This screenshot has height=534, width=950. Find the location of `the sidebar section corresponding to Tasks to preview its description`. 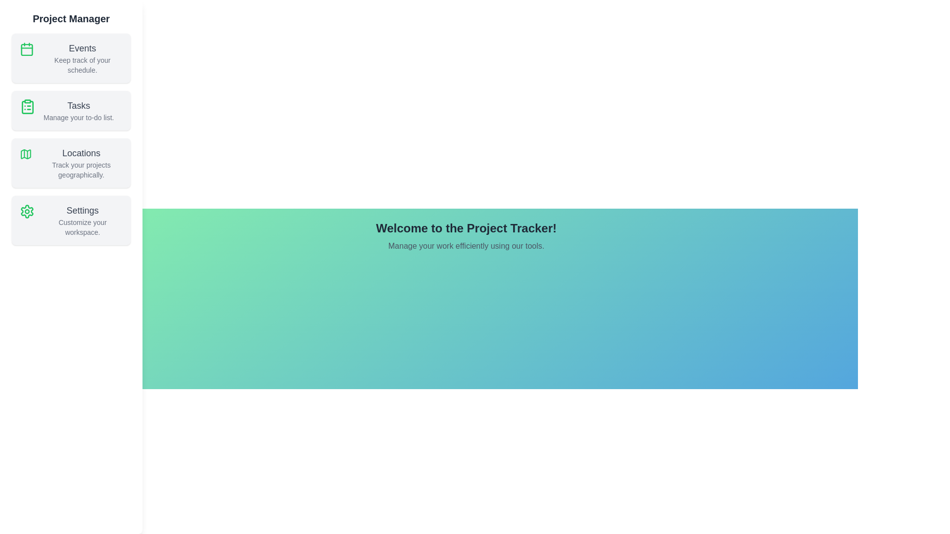

the sidebar section corresponding to Tasks to preview its description is located at coordinates (71, 110).